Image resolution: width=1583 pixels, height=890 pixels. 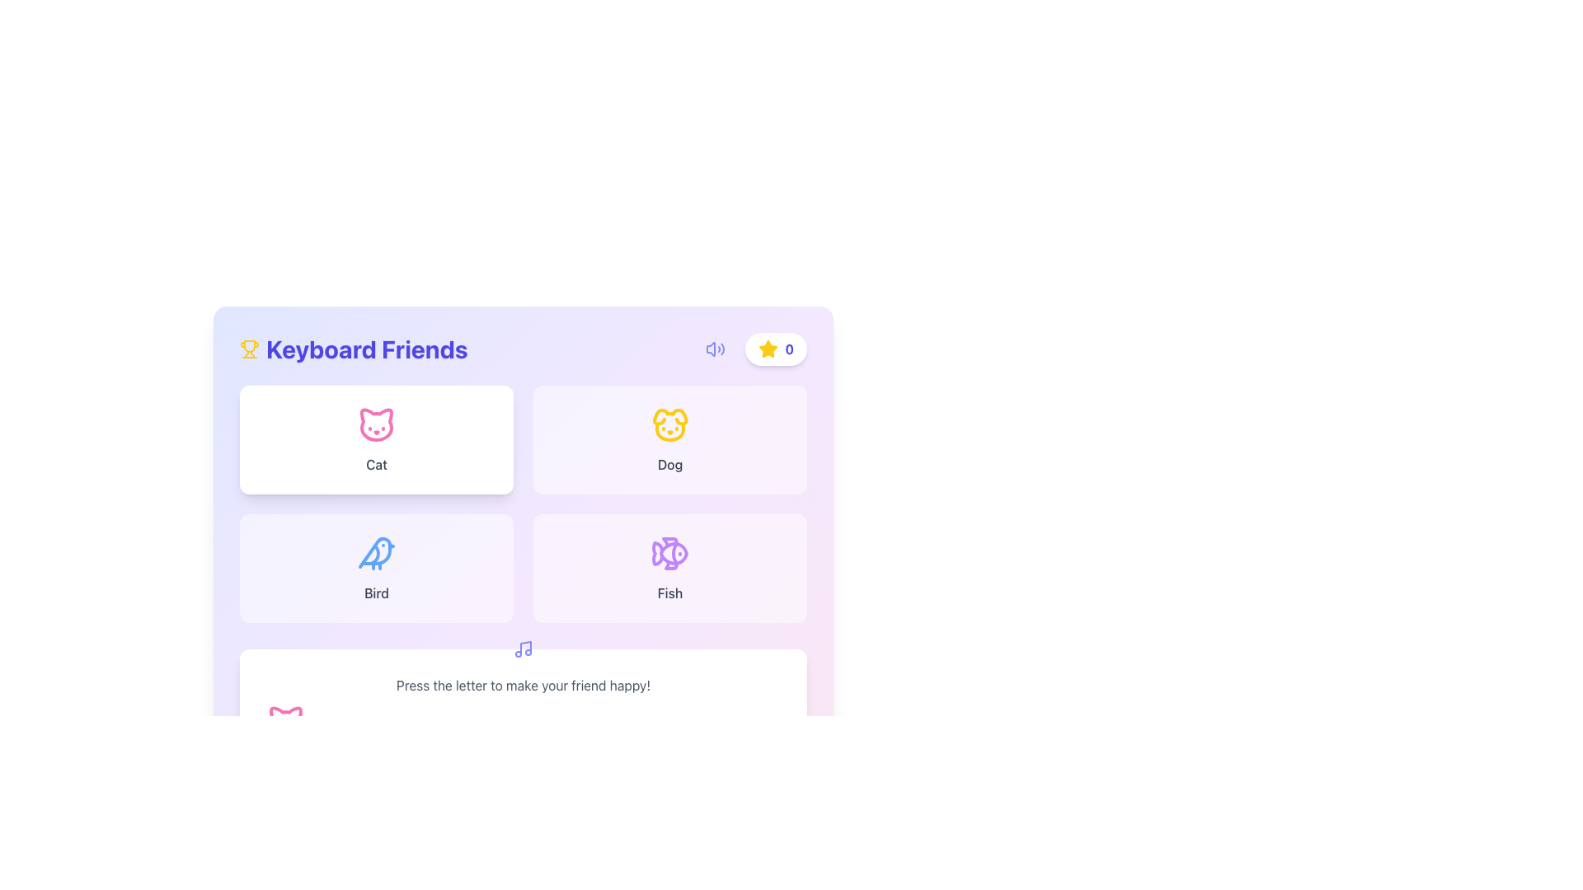 I want to click on the 'Fish' button located in the second row and second column of the 2x2 grid layout, so click(x=669, y=568).